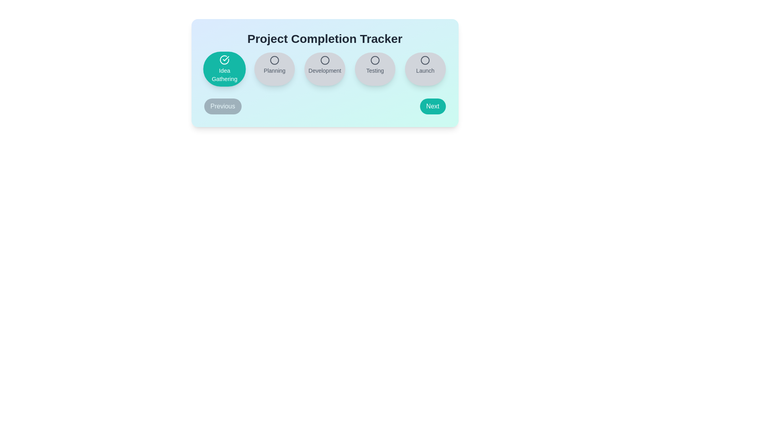 This screenshot has height=429, width=763. What do you see at coordinates (275, 60) in the screenshot?
I see `the circular icon labeled 'Planning' in the series of project stage icons, which is the second item in the horizontal sequence` at bounding box center [275, 60].